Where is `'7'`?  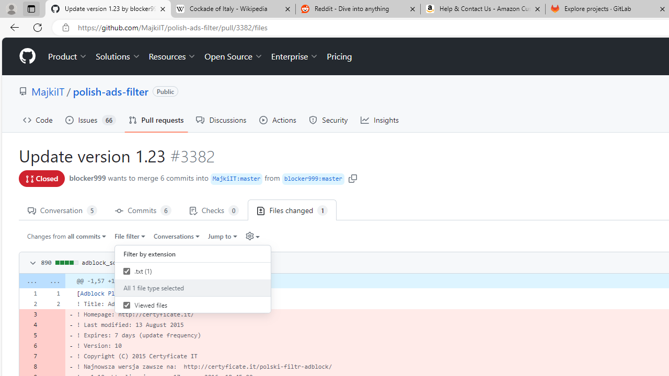
'7' is located at coordinates (30, 355).